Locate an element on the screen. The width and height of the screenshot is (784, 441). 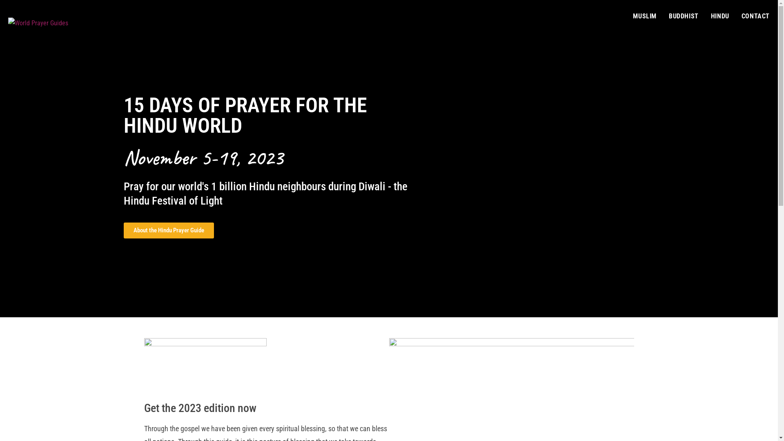
'CONTACT' is located at coordinates (755, 16).